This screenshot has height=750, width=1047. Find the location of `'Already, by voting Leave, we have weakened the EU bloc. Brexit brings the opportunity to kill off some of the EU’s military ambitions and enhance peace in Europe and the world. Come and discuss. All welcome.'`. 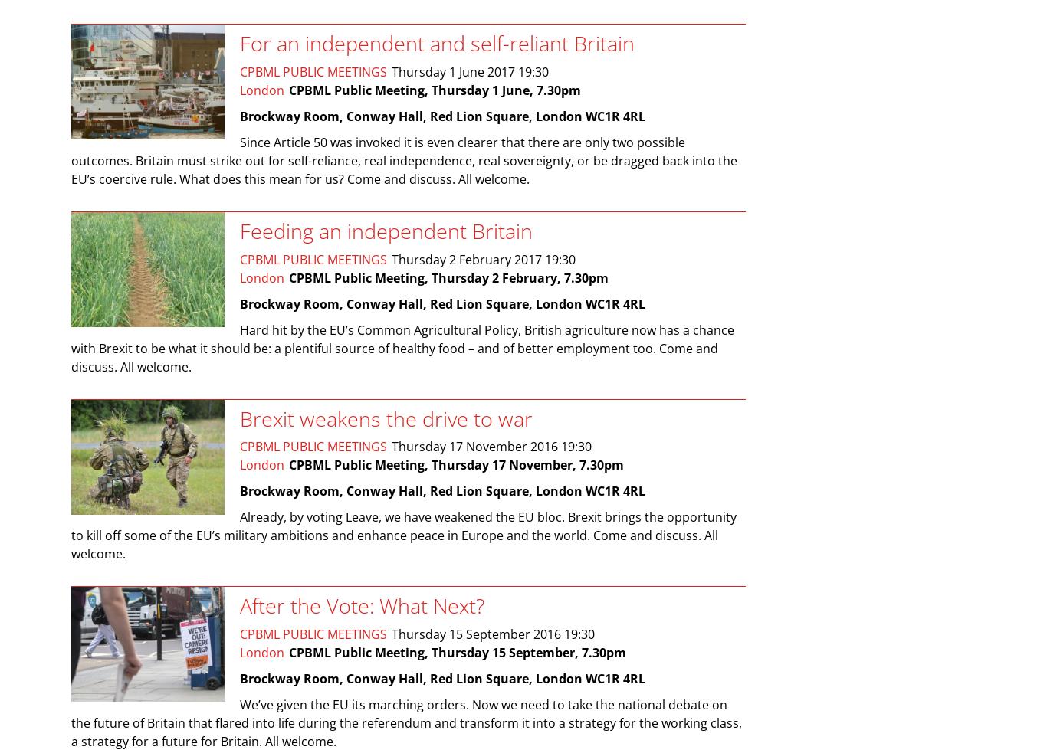

'Already, by voting Leave, we have weakened the EU bloc. Brexit brings the opportunity to kill off some of the EU’s military ambitions and enhance peace in Europe and the world. Come and discuss. All welcome.' is located at coordinates (404, 535).